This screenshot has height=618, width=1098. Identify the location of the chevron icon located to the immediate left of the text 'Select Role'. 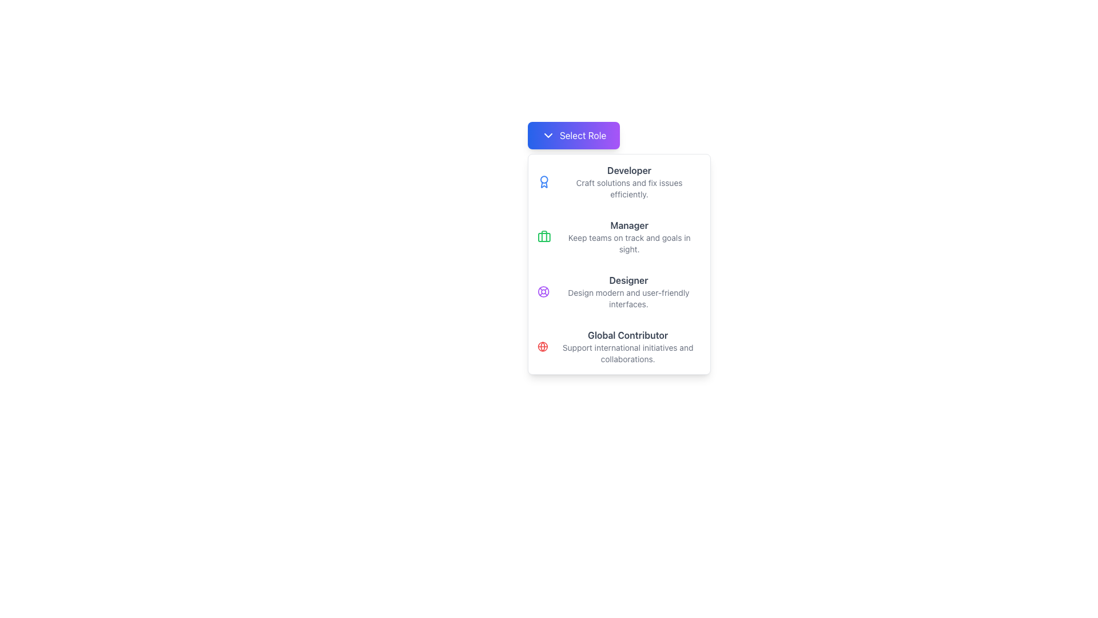
(547, 134).